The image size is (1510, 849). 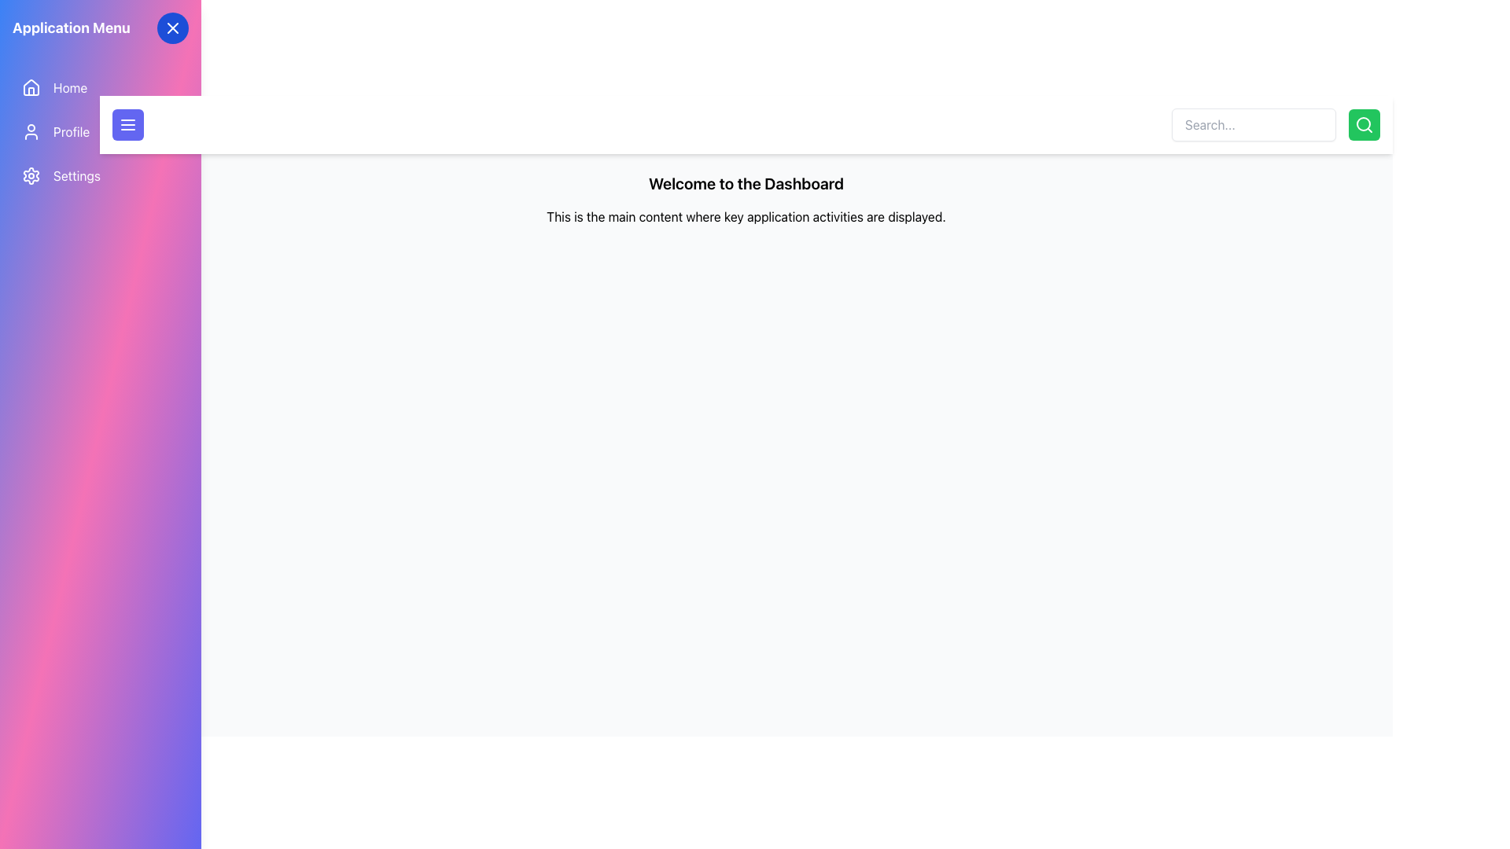 What do you see at coordinates (173, 28) in the screenshot?
I see `the Close button (SVG icon) located in the top-left corner of the sidebar` at bounding box center [173, 28].